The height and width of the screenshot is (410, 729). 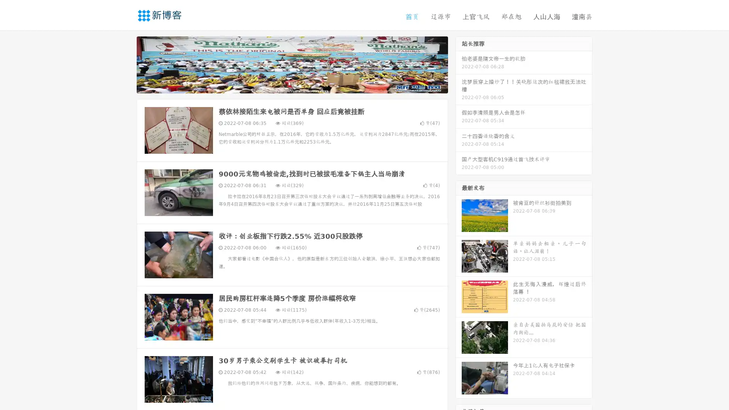 What do you see at coordinates (284, 85) in the screenshot?
I see `Go to slide 1` at bounding box center [284, 85].